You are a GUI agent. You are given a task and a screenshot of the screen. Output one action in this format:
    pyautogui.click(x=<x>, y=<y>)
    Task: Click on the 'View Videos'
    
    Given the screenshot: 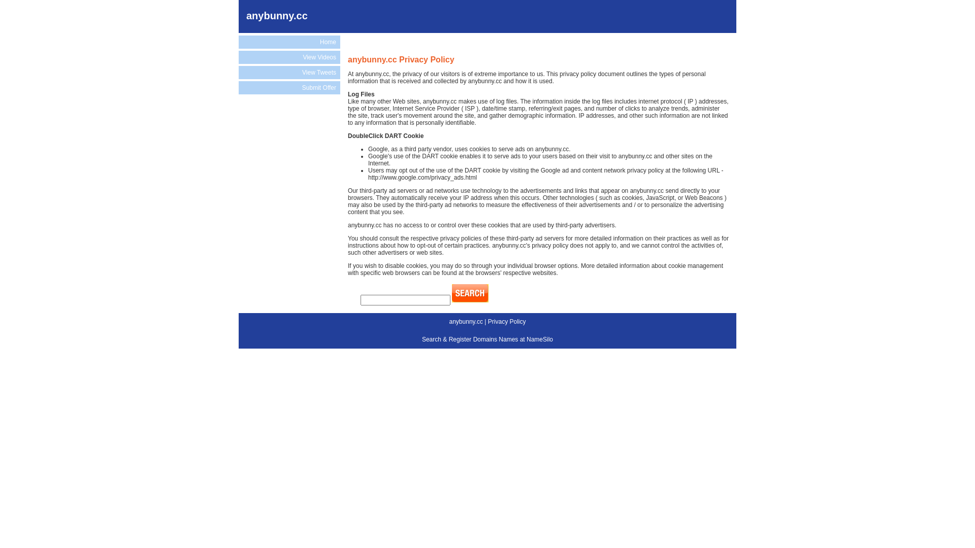 What is the action you would take?
    pyautogui.click(x=289, y=57)
    